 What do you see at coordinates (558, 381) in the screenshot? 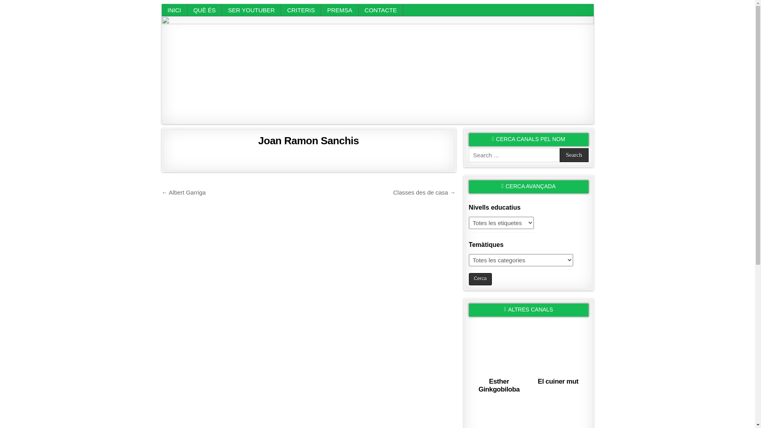
I see `'El cuiner mut'` at bounding box center [558, 381].